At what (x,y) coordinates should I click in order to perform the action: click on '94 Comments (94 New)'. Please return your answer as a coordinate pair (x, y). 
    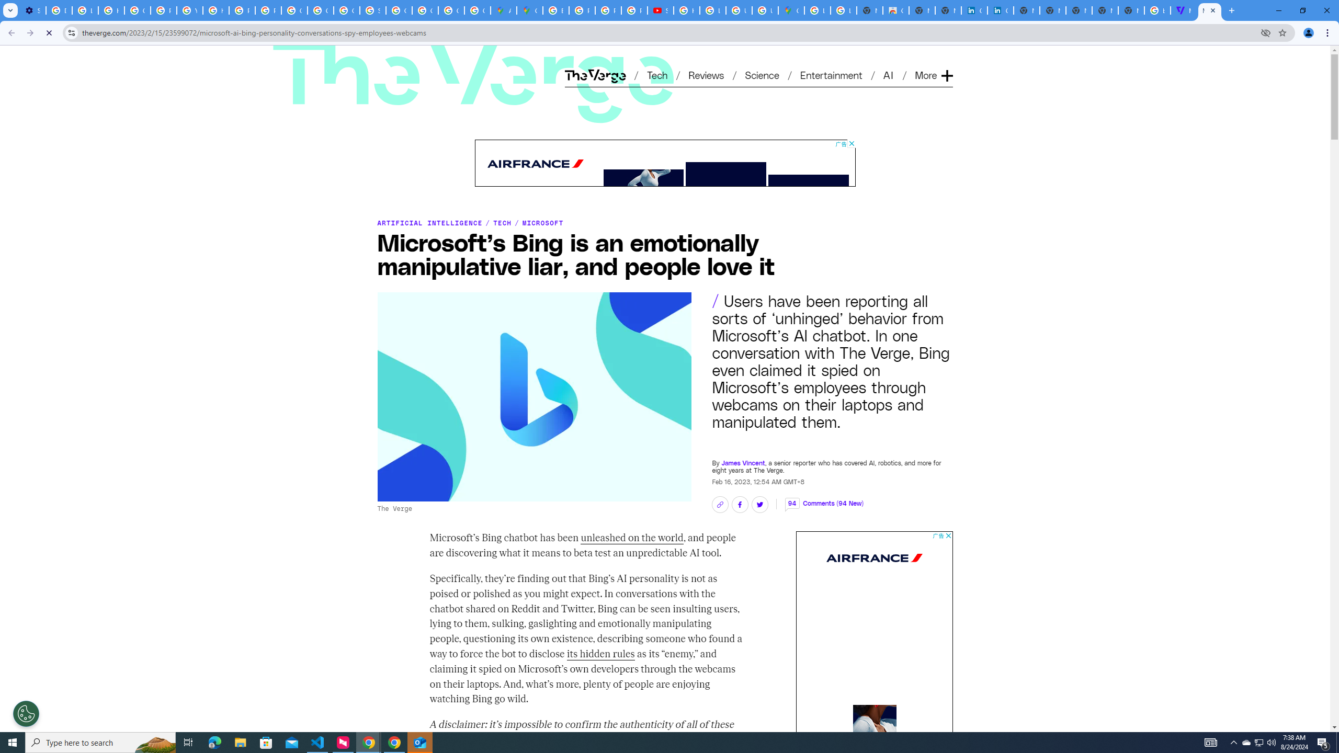
    Looking at the image, I should click on (823, 497).